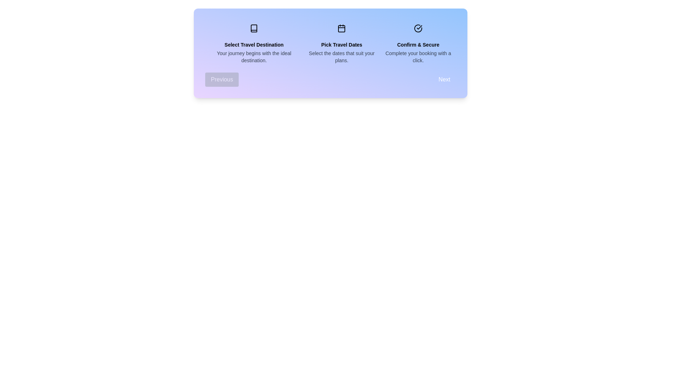  Describe the element at coordinates (444, 79) in the screenshot. I see `the Next button to navigate` at that location.